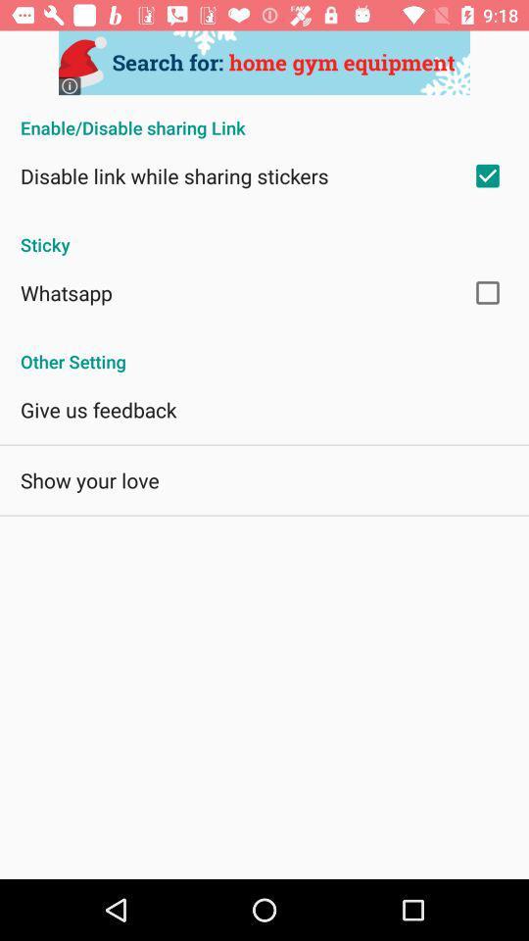  What do you see at coordinates (264, 118) in the screenshot?
I see `enable disable sharing item` at bounding box center [264, 118].